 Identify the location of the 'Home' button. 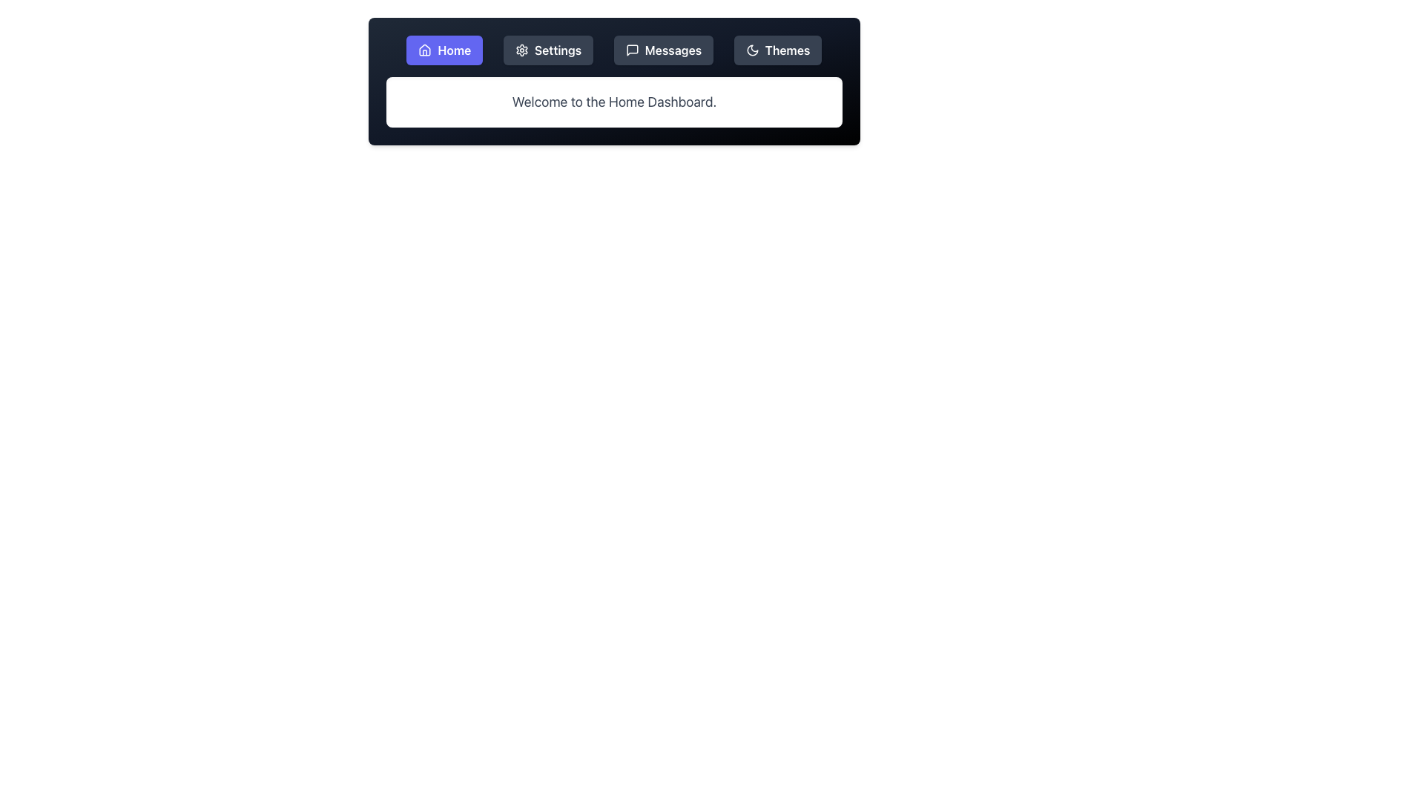
(444, 50).